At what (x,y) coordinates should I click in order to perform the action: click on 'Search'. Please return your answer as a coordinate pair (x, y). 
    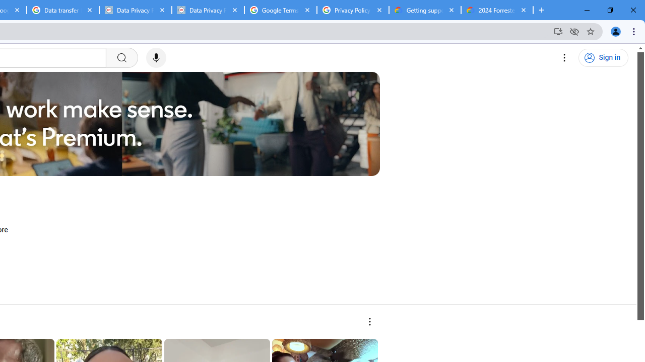
    Looking at the image, I should click on (121, 58).